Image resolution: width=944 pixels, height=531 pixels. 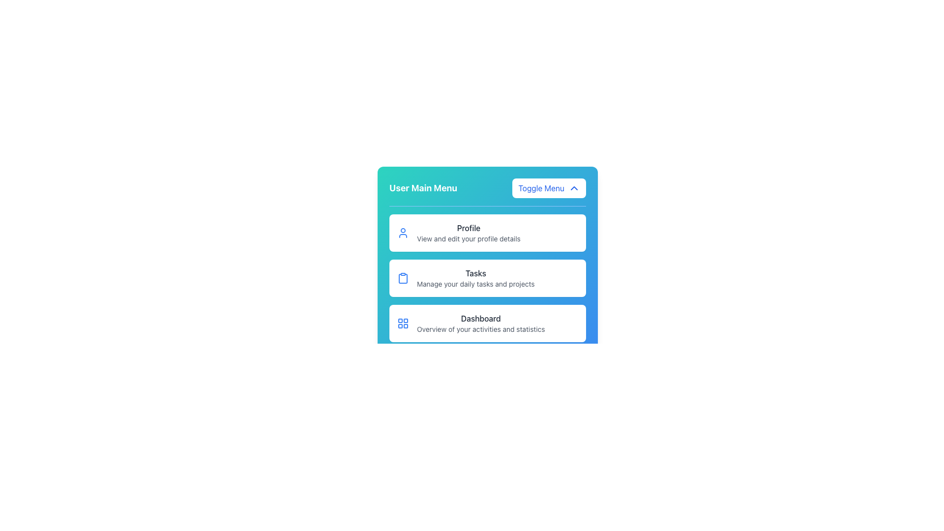 What do you see at coordinates (481, 329) in the screenshot?
I see `information displayed in the text label that states 'Overview of your activities and statistics.' This label is located beneath the 'Dashboard' title in the menu interface` at bounding box center [481, 329].